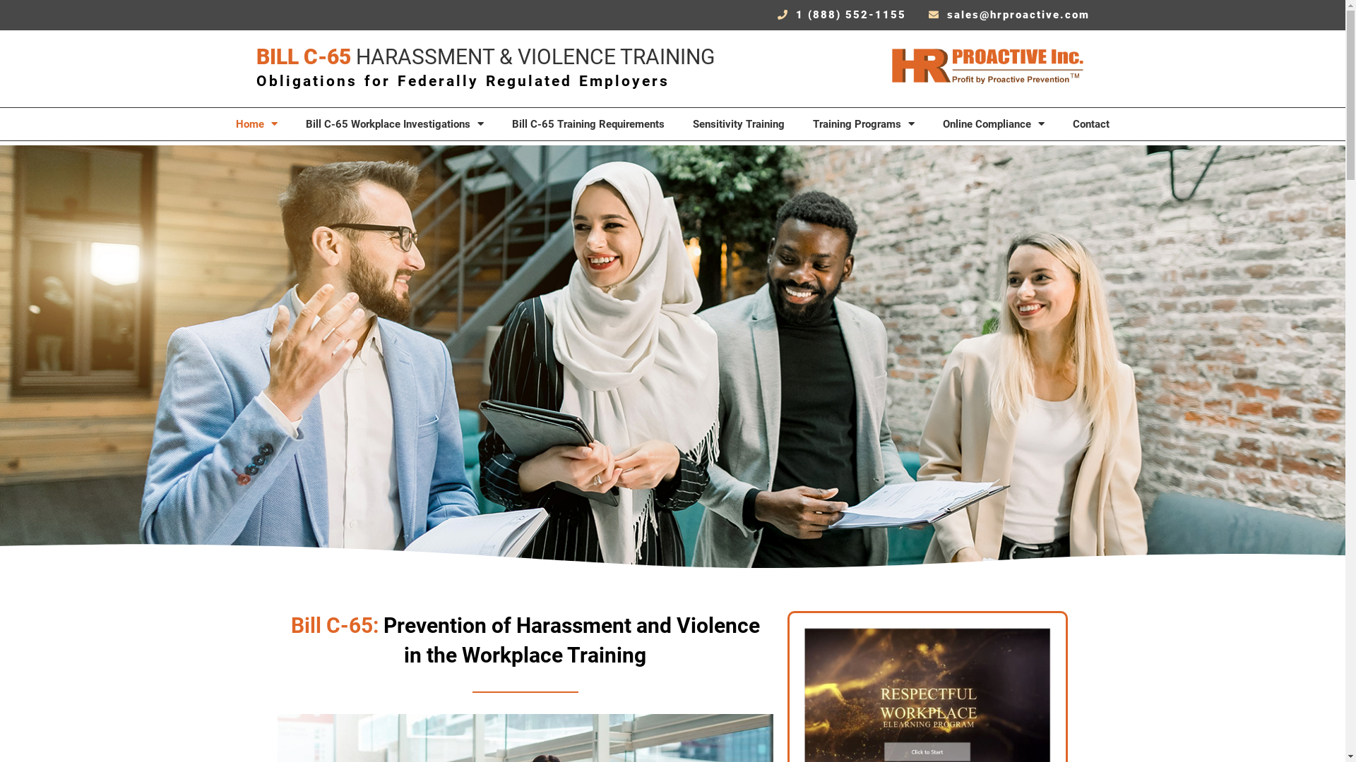  Describe the element at coordinates (462, 80) in the screenshot. I see `'Obligations for Federally Regulated Employers'` at that location.